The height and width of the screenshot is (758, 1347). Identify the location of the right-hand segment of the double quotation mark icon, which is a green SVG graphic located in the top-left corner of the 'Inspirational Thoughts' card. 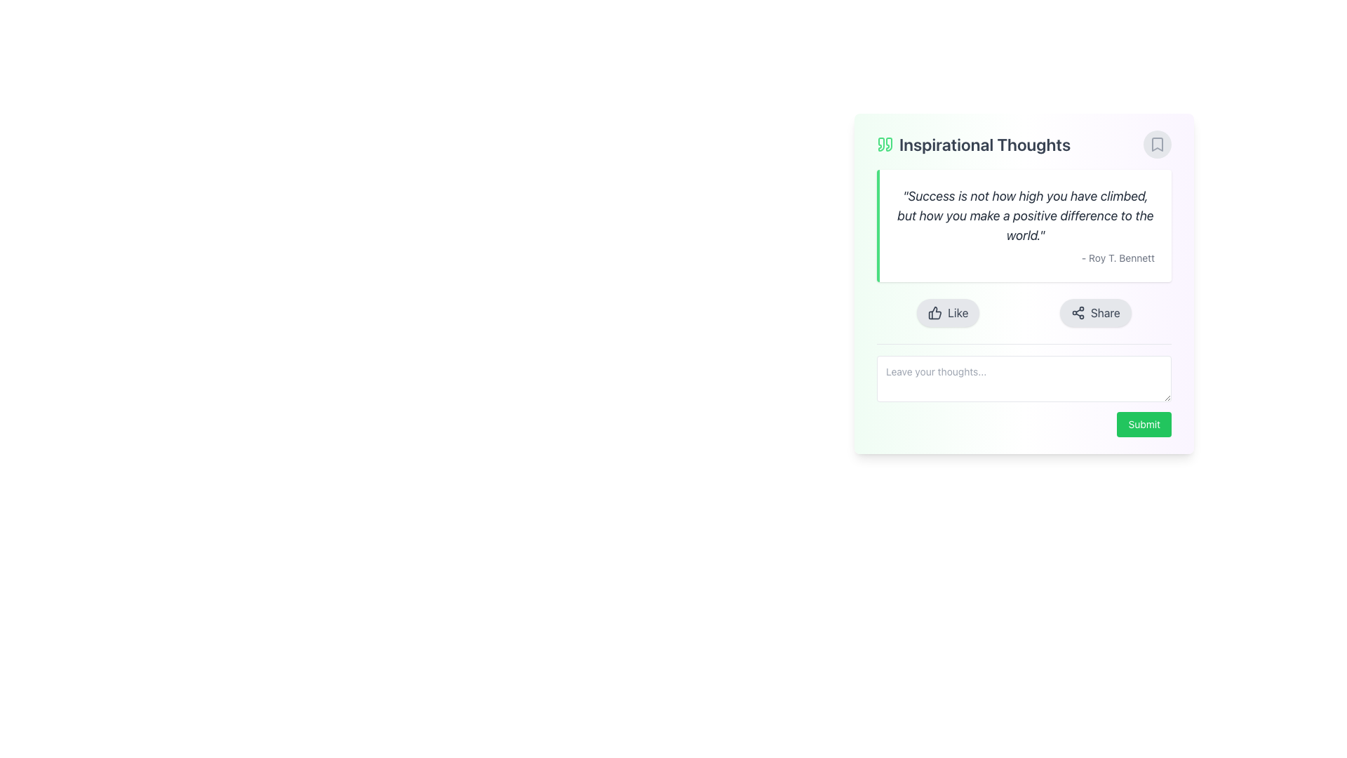
(888, 144).